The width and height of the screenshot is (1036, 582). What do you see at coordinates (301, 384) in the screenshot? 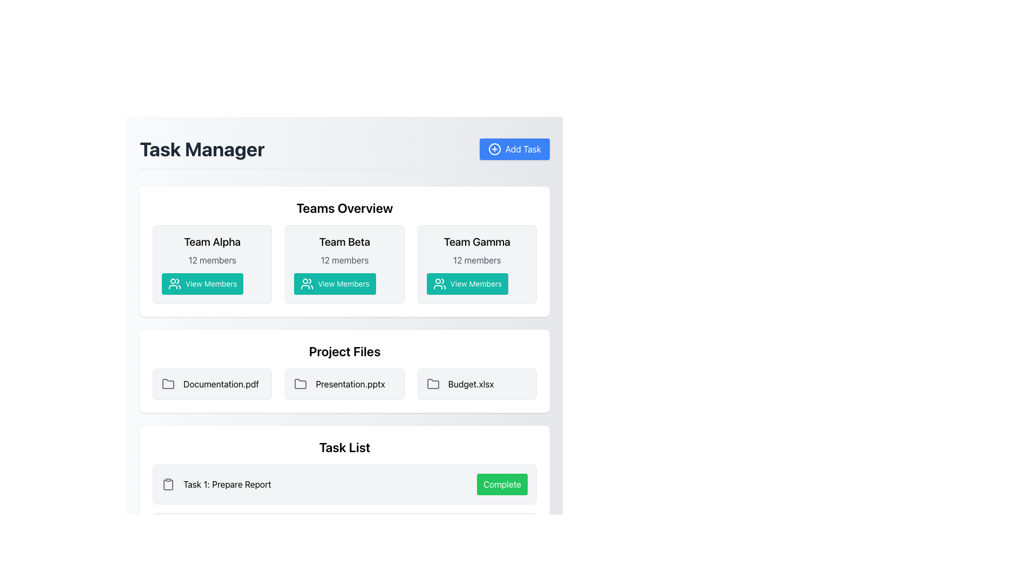
I see `the visual indicator icon for the file named 'Presentation.pptx' located in the 'Project Files' section` at bounding box center [301, 384].